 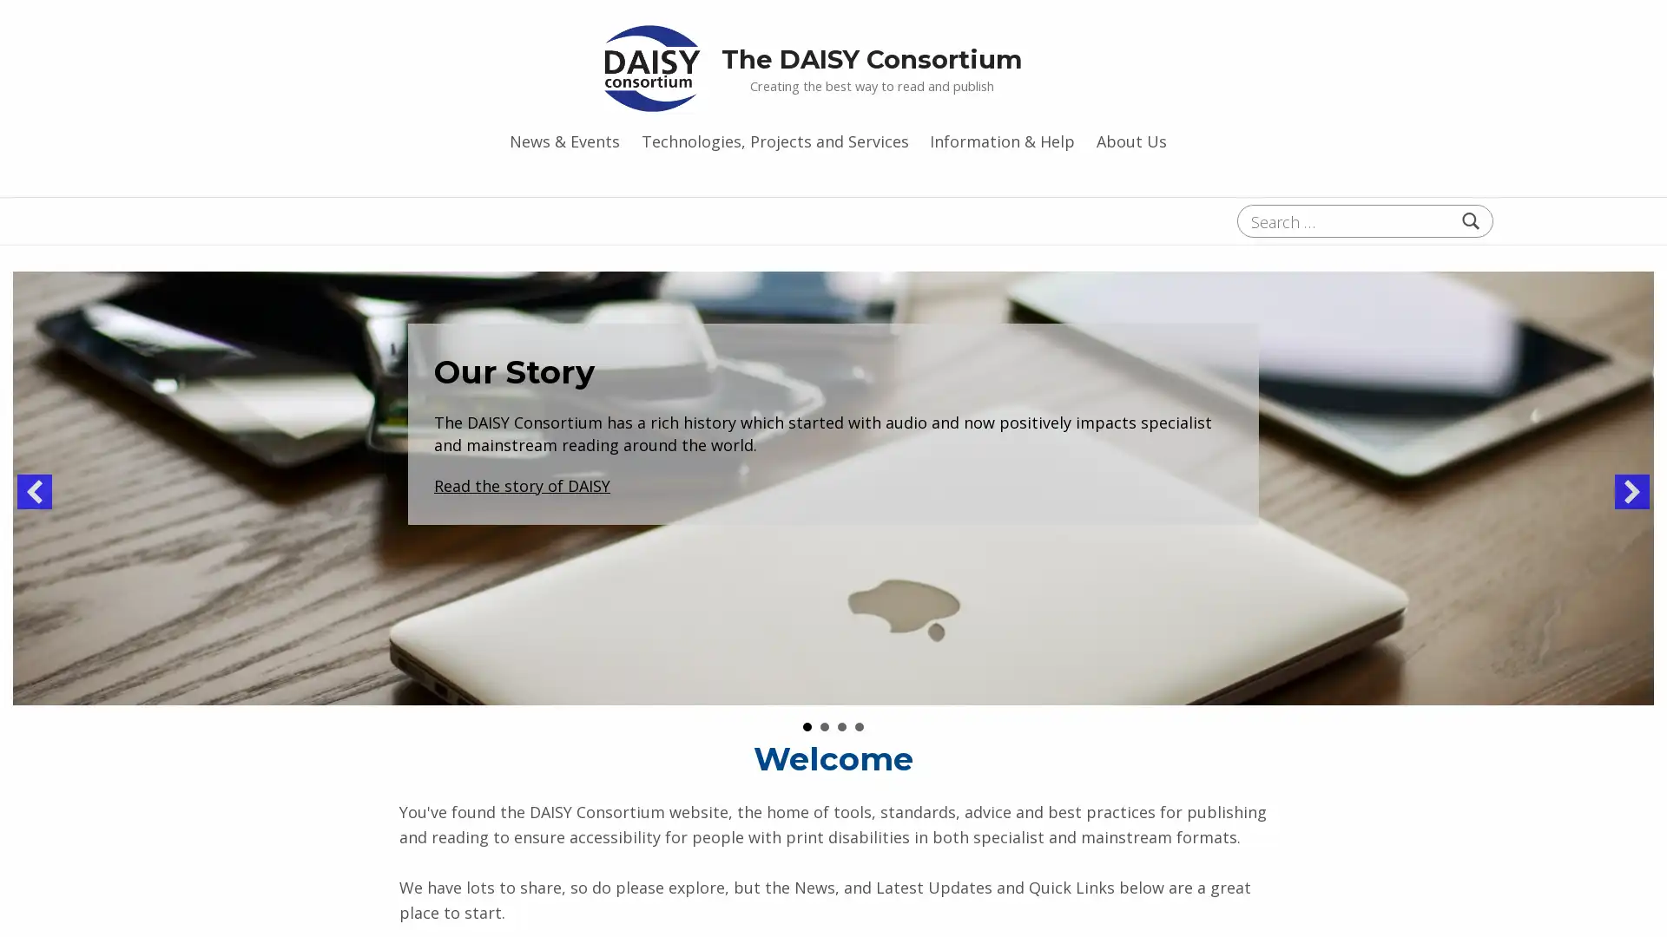 What do you see at coordinates (34, 492) in the screenshot?
I see `previous` at bounding box center [34, 492].